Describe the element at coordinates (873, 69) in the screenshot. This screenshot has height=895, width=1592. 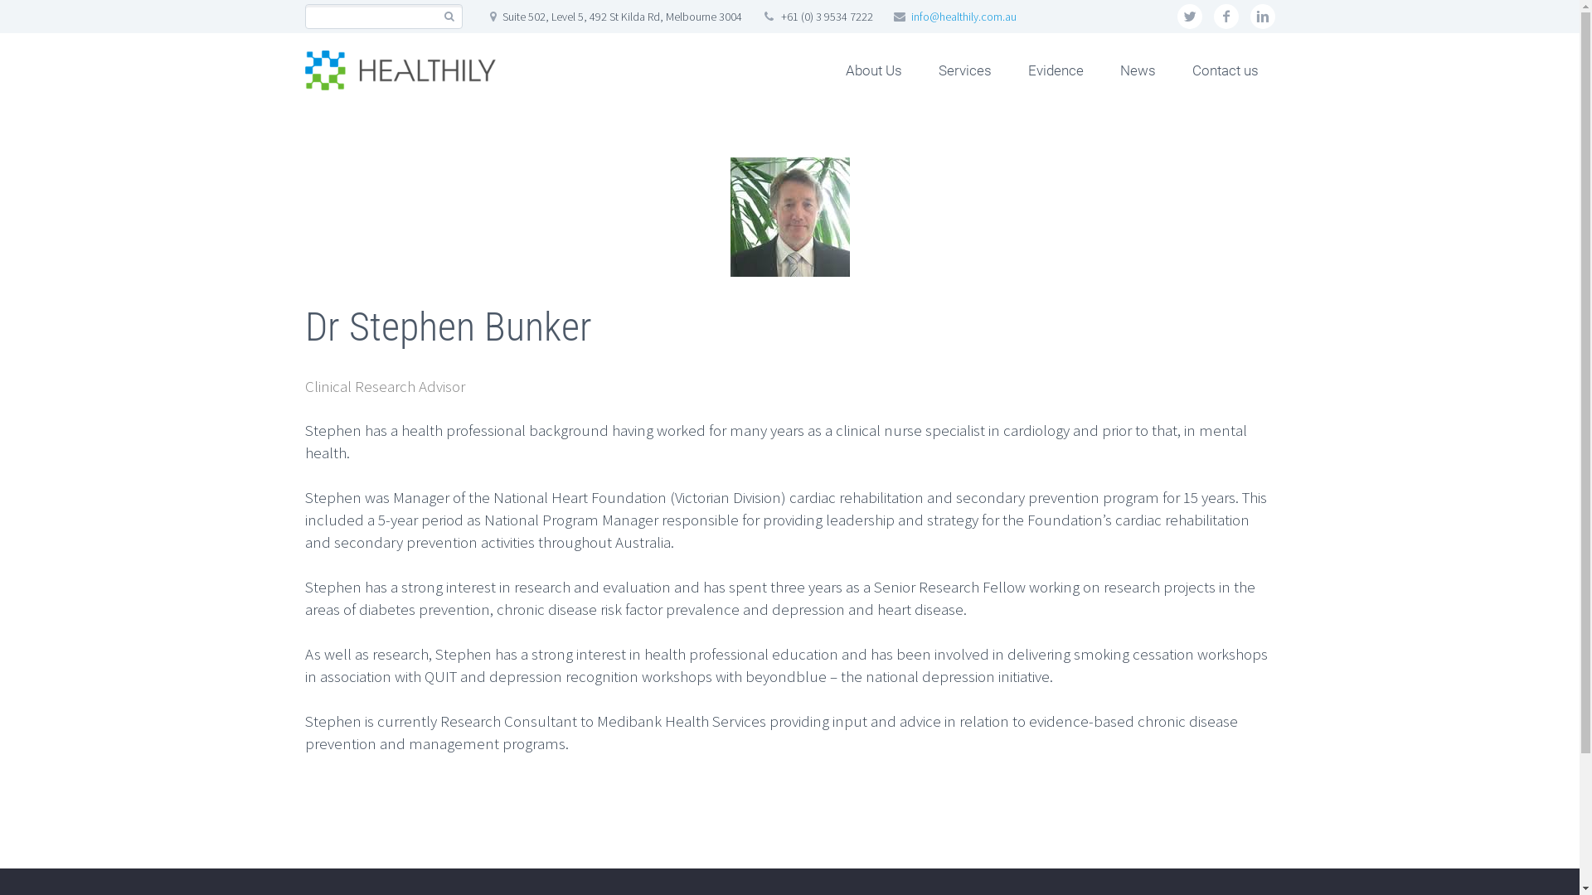
I see `'About Us'` at that location.